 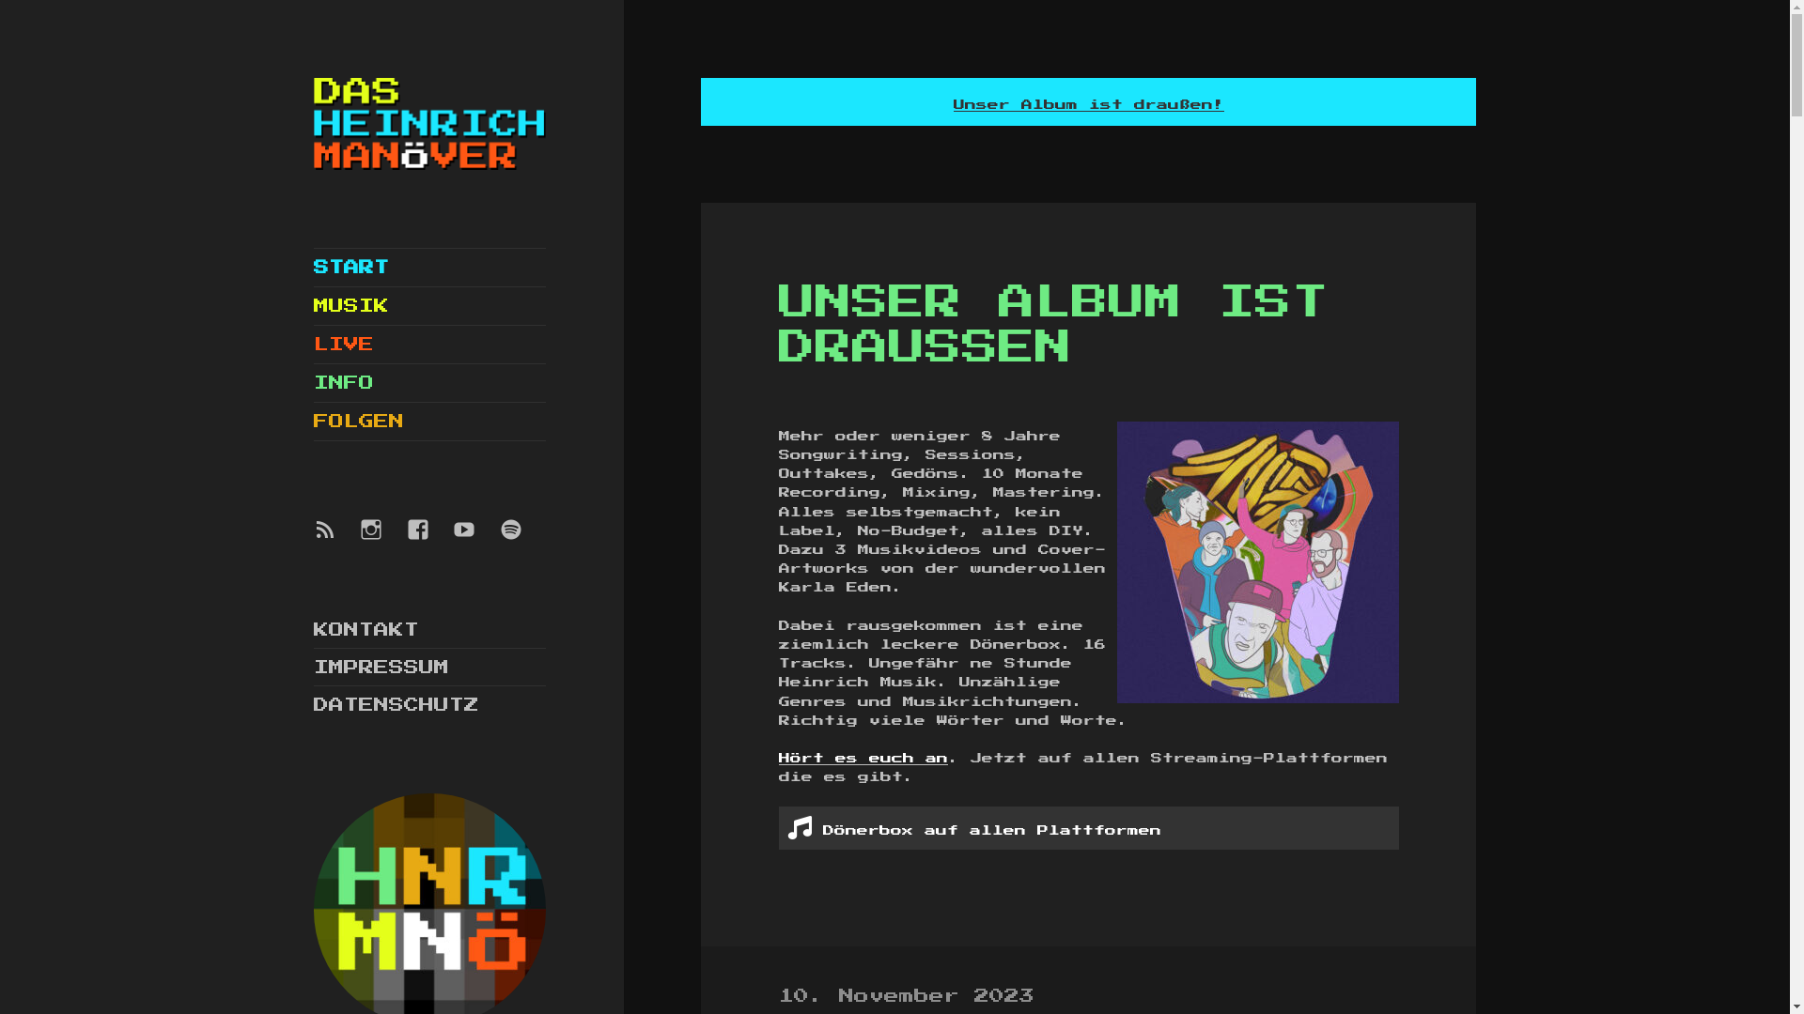 What do you see at coordinates (474, 540) in the screenshot?
I see `'YOUTUBE'` at bounding box center [474, 540].